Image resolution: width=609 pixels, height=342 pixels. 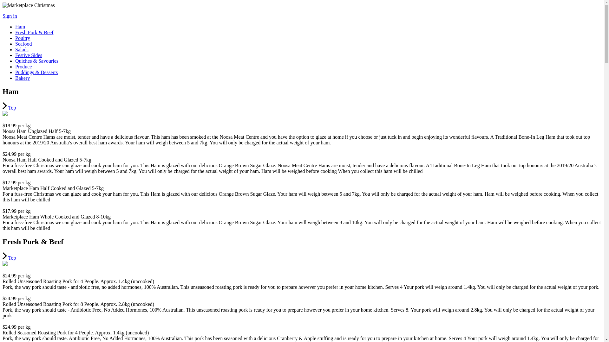 What do you see at coordinates (23, 66) in the screenshot?
I see `'Produce'` at bounding box center [23, 66].